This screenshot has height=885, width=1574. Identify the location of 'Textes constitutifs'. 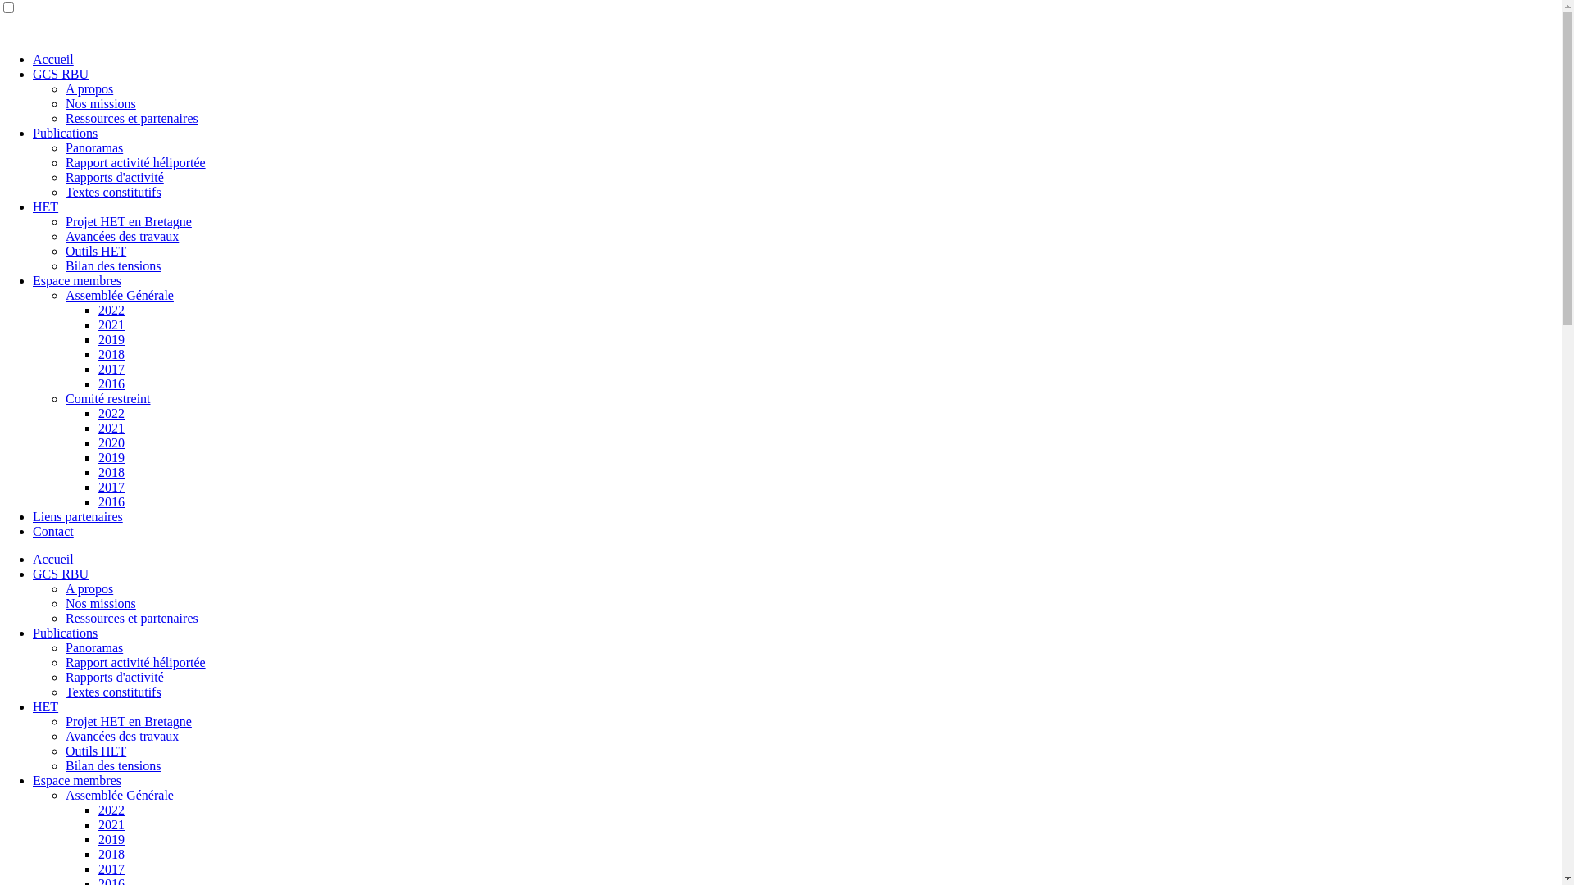
(112, 692).